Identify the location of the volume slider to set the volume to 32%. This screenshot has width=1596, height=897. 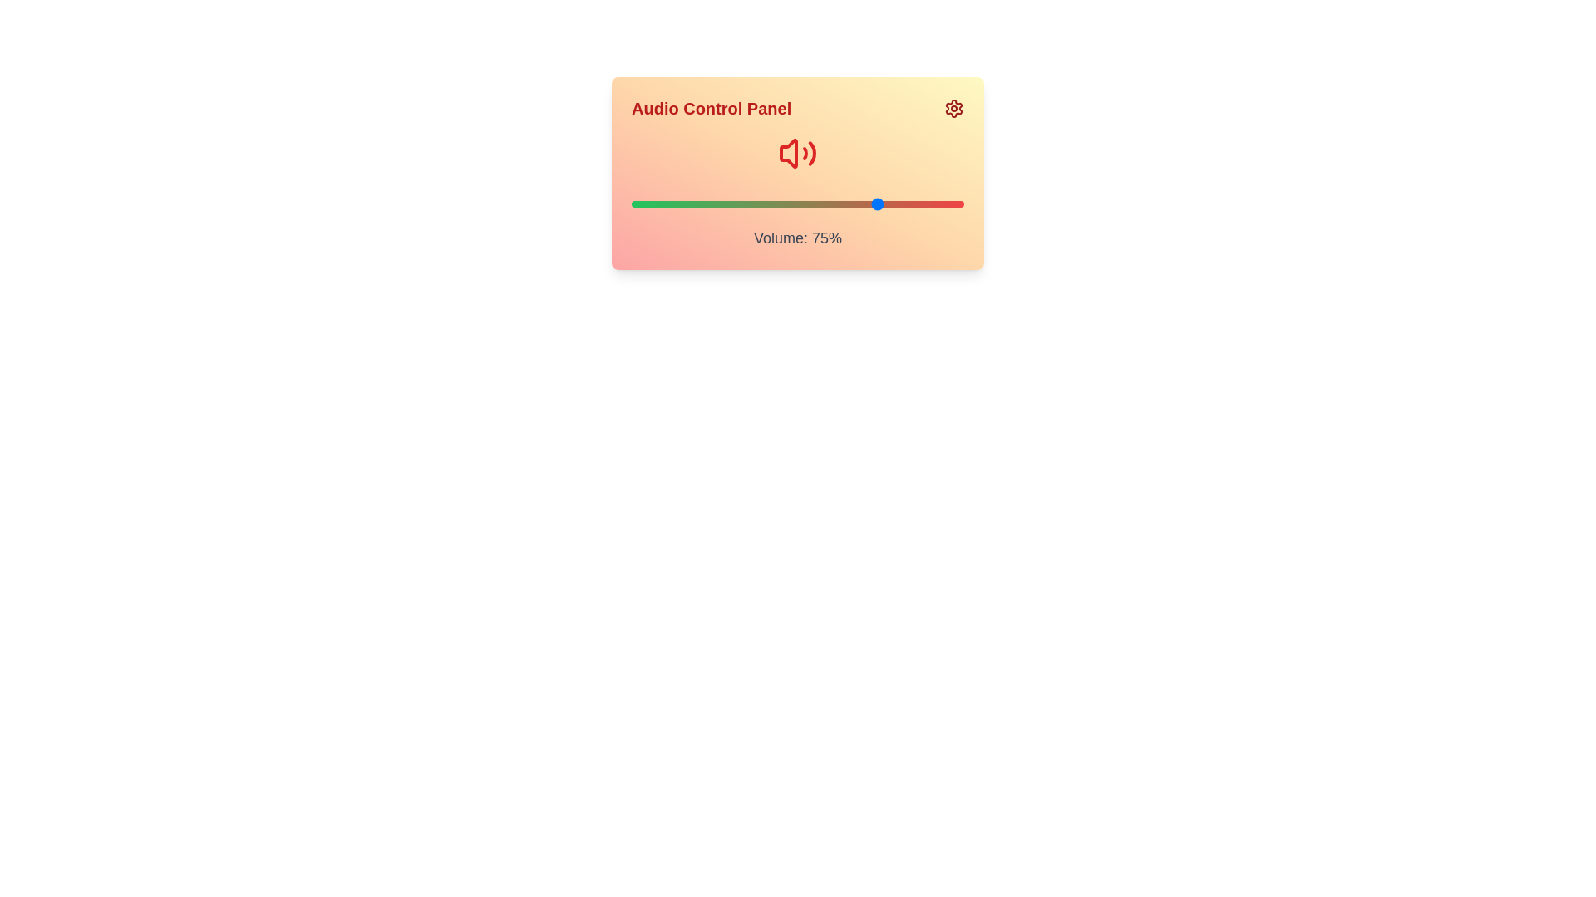
(737, 203).